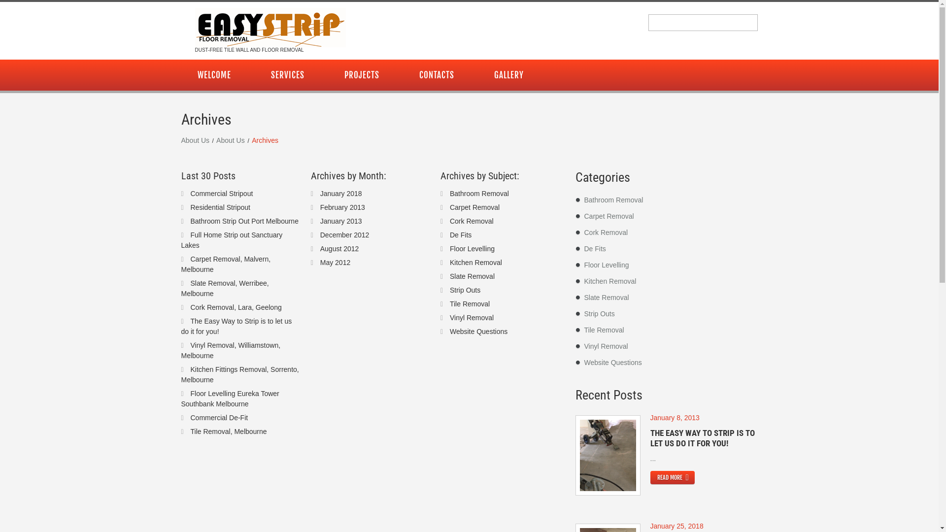 The height and width of the screenshot is (532, 946). What do you see at coordinates (403, 74) in the screenshot?
I see `'CONTACTS'` at bounding box center [403, 74].